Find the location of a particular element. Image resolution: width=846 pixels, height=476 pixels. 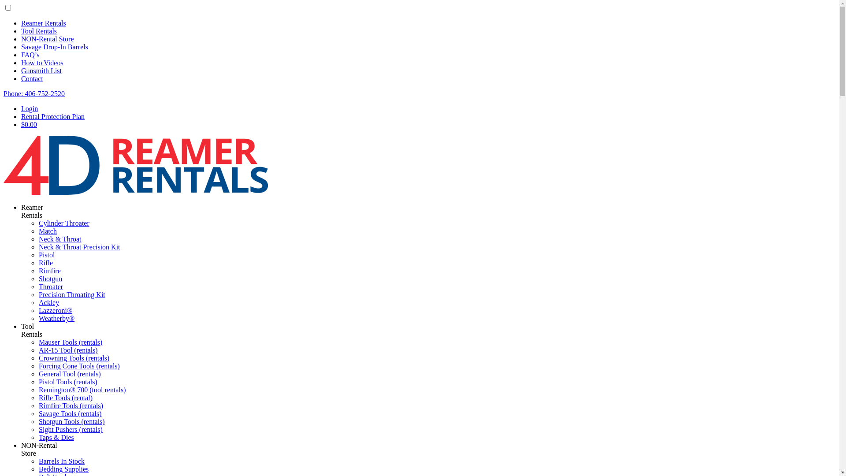

'Taps & Dies' is located at coordinates (56, 437).